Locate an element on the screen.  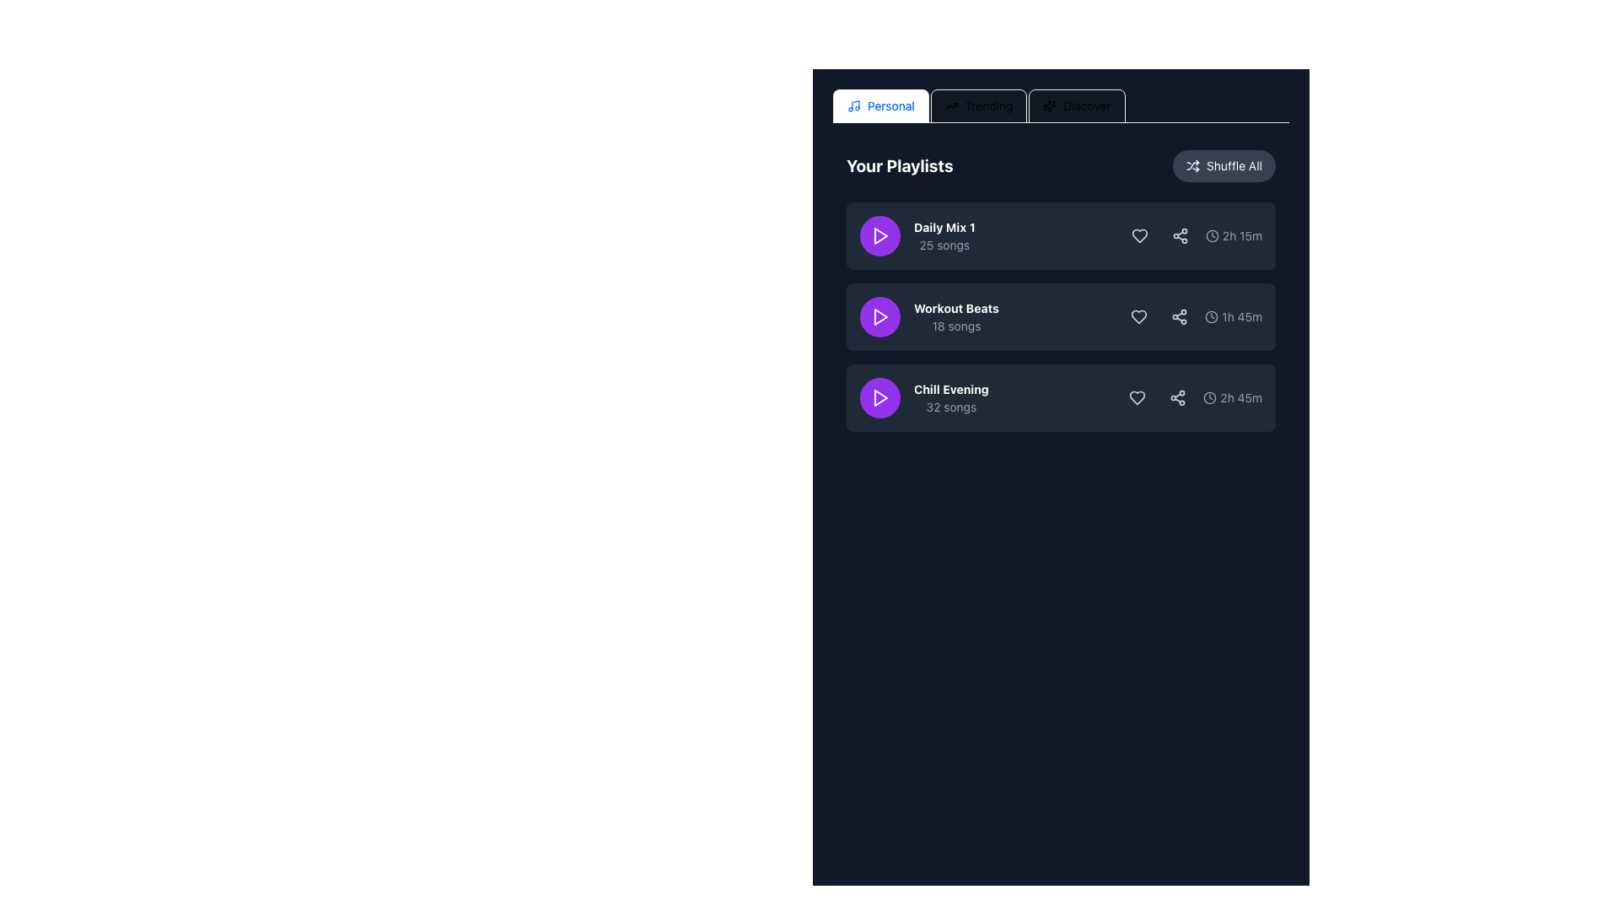
the clock icon, which is represented with a circular outline and clock hands resembling an analog clock face, located in the third row of the playlist list adjacent to the text '2h 45m' is located at coordinates (1209, 397).